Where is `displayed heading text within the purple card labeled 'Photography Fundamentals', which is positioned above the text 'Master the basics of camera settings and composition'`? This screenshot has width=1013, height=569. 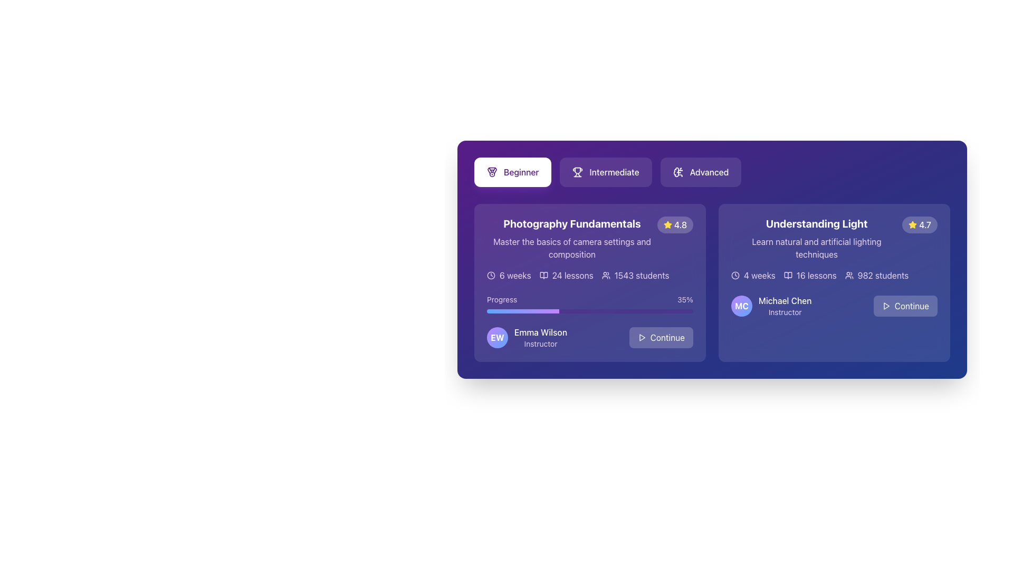
displayed heading text within the purple card labeled 'Photography Fundamentals', which is positioned above the text 'Master the basics of camera settings and composition' is located at coordinates (571, 223).